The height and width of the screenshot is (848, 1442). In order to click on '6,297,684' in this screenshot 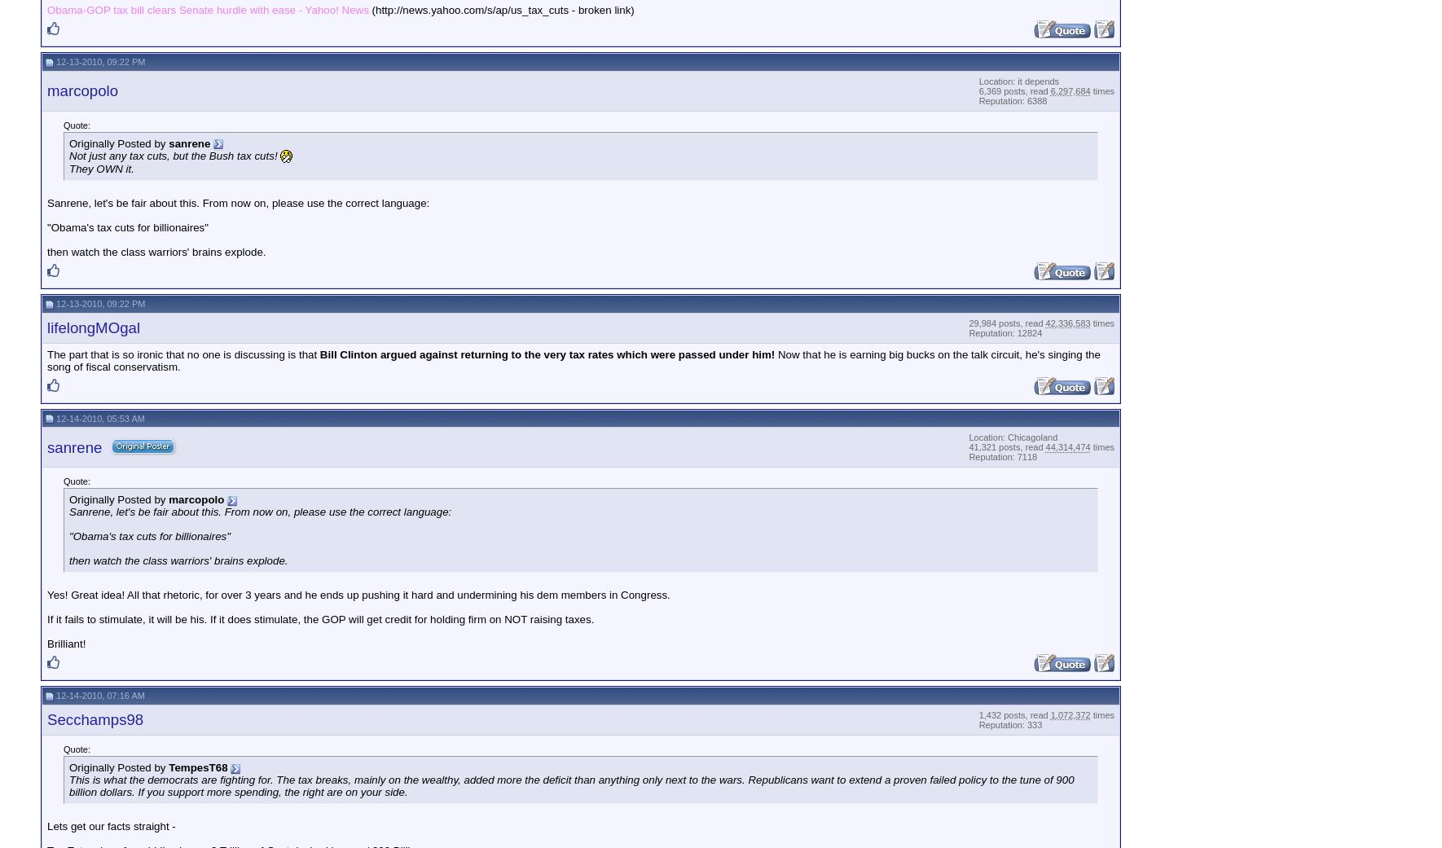, I will do `click(1049, 90)`.